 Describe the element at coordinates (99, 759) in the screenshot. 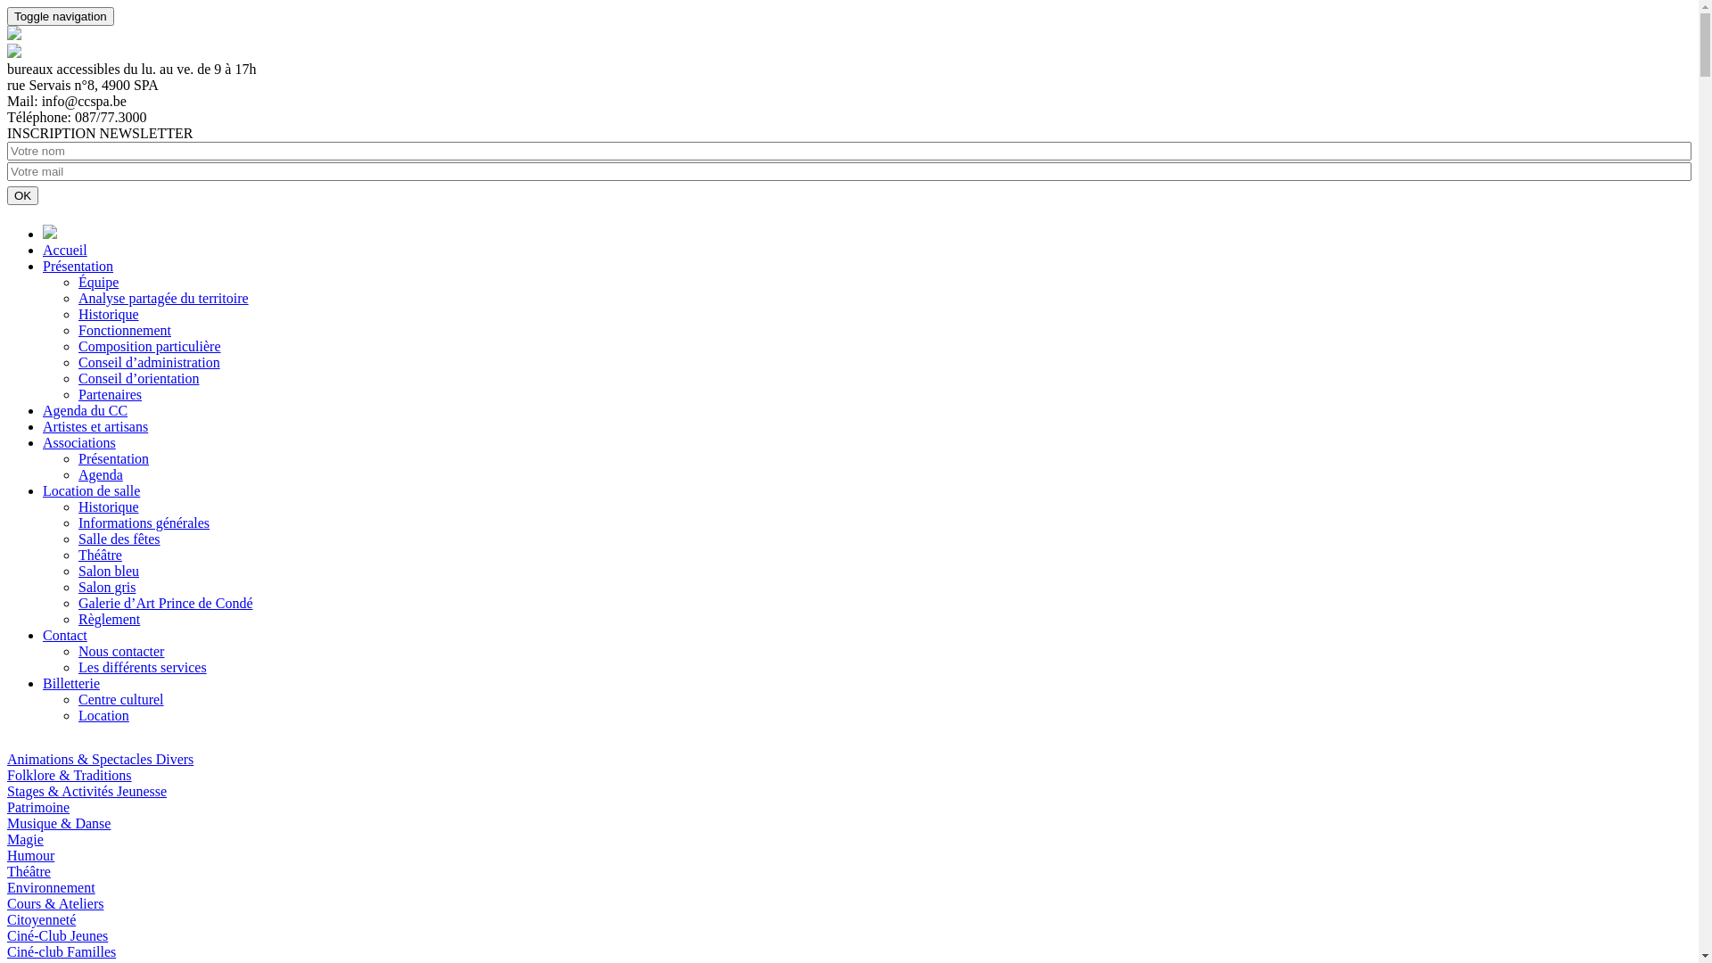

I see `'Animations & Spectacles Divers'` at that location.